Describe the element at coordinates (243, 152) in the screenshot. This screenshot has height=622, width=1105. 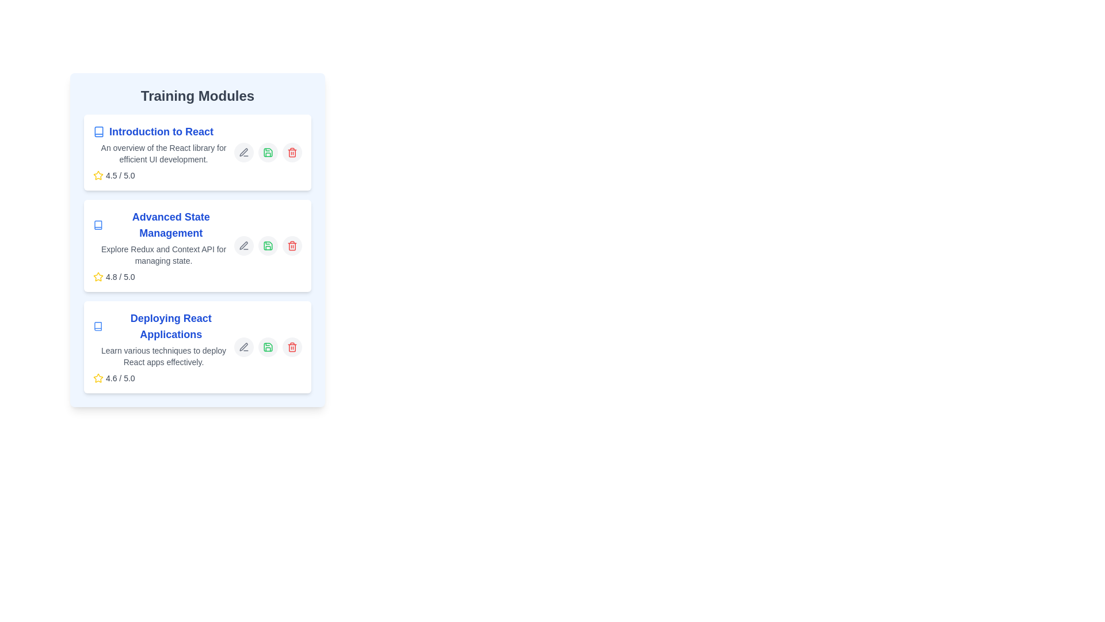
I see `the edit button located to the right of the 'Introduction to React' module header to modify content or settings` at that location.